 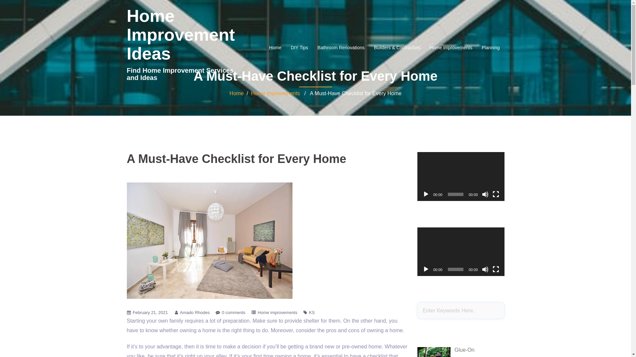 What do you see at coordinates (234, 312) in the screenshot?
I see `'0 comments'` at bounding box center [234, 312].